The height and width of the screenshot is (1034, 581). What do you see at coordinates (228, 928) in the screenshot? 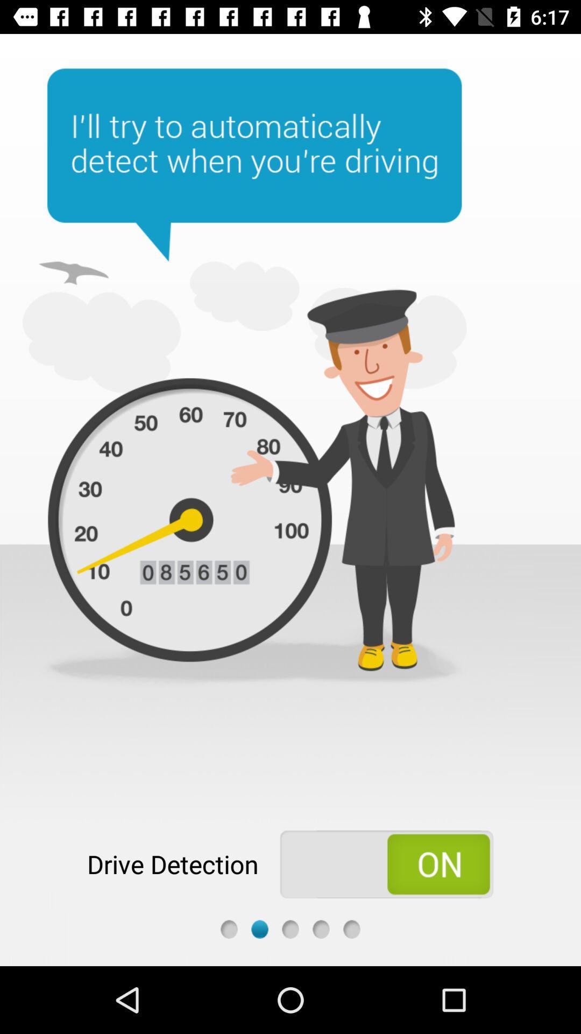
I see `first screen` at bounding box center [228, 928].